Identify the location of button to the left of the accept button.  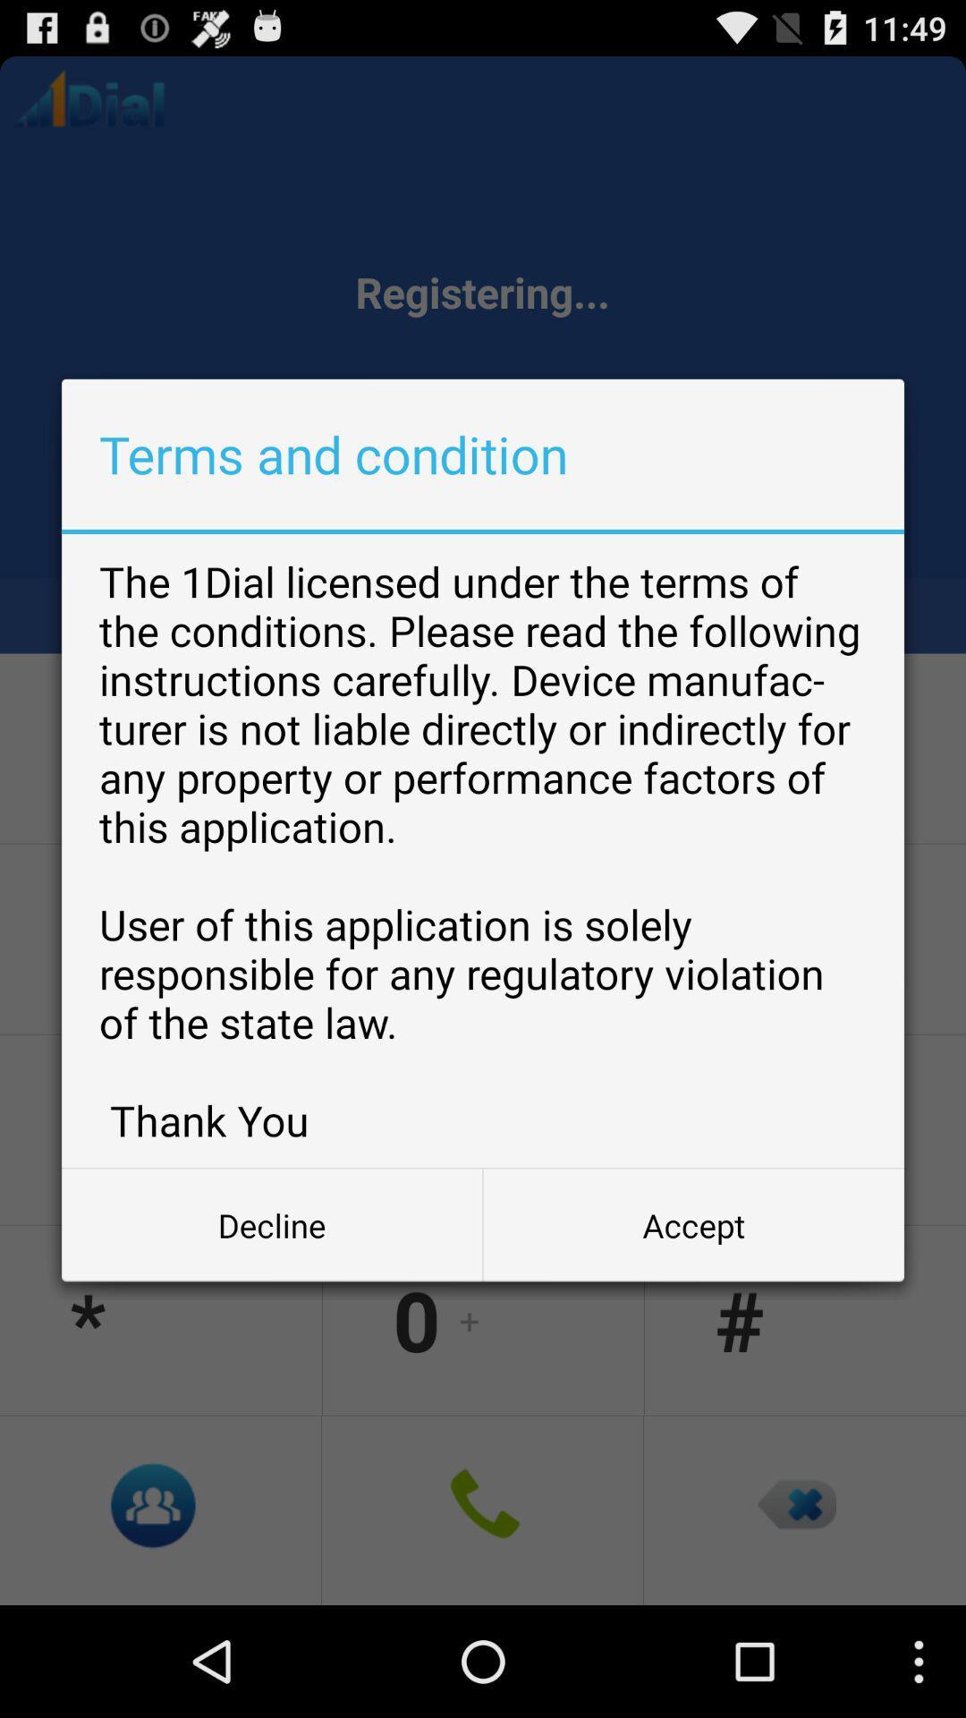
(272, 1224).